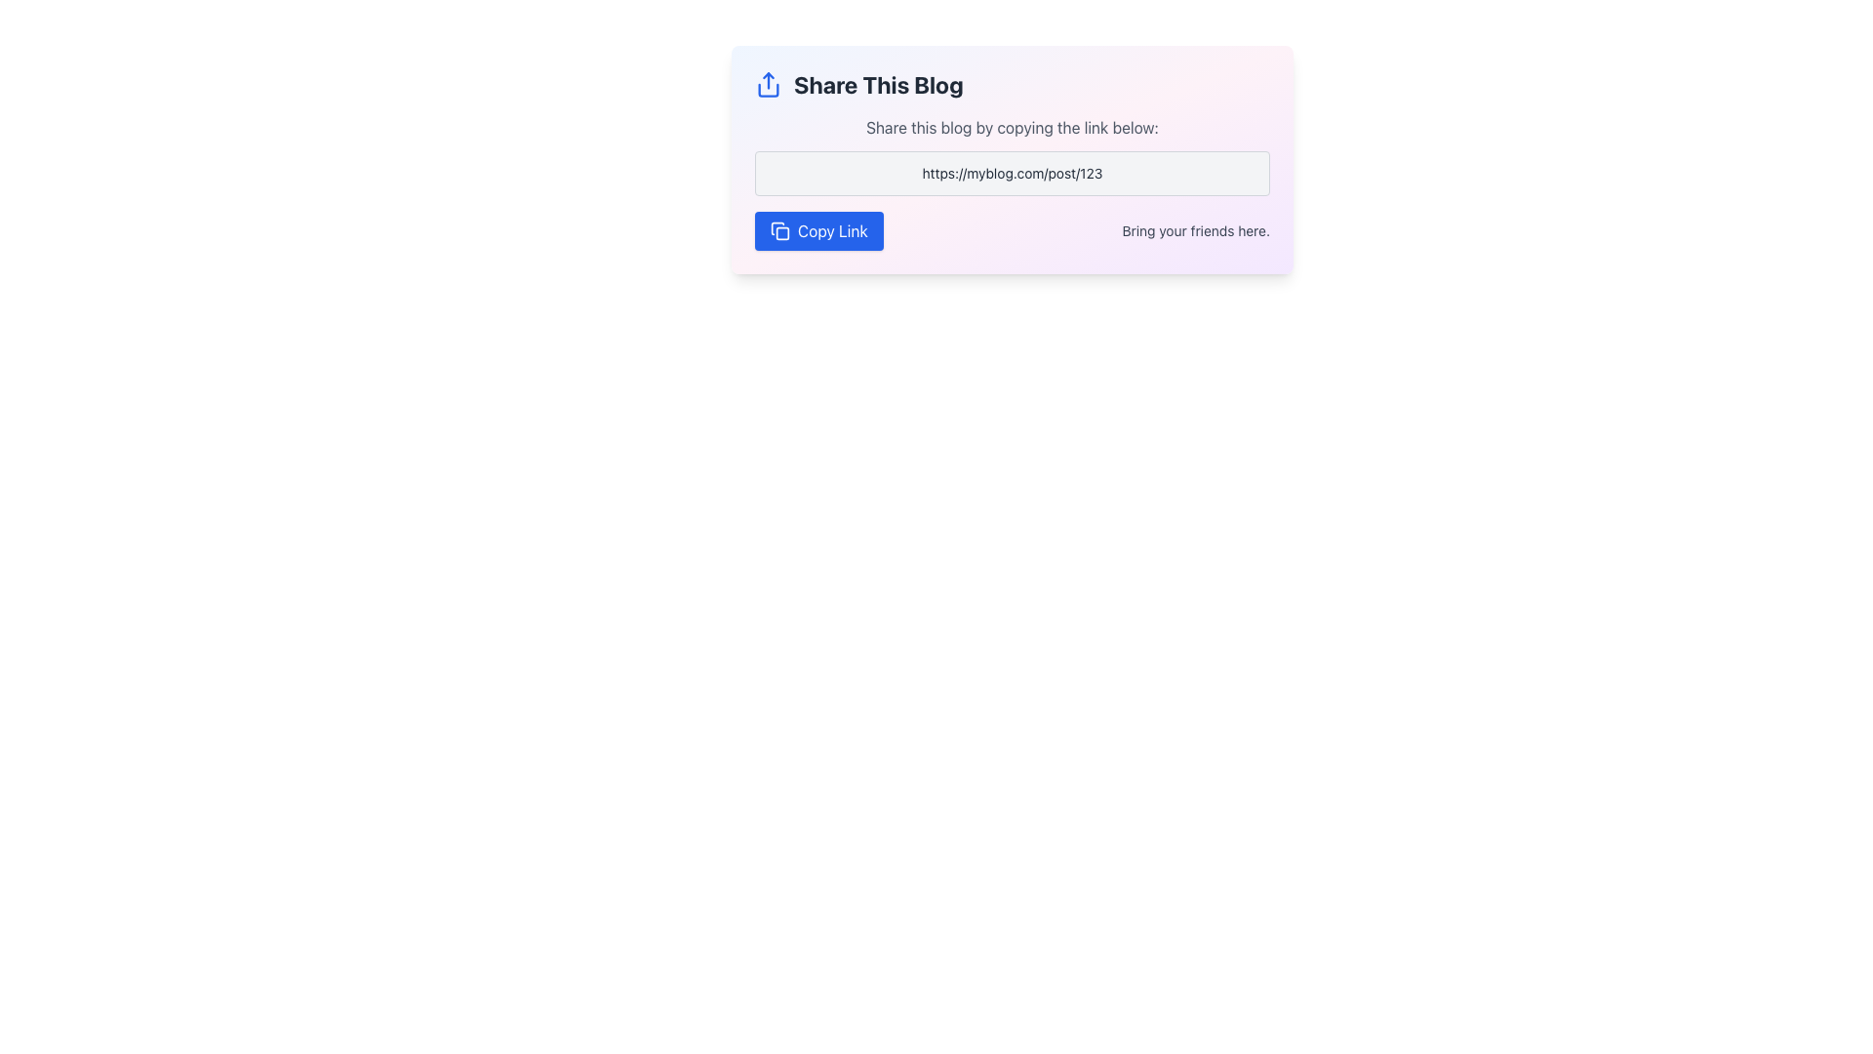 The width and height of the screenshot is (1873, 1054). I want to click on the SVG icon within the 'Copy Link' button, which is styled with a solid blue background and white text, located on the left side of the button, so click(777, 227).